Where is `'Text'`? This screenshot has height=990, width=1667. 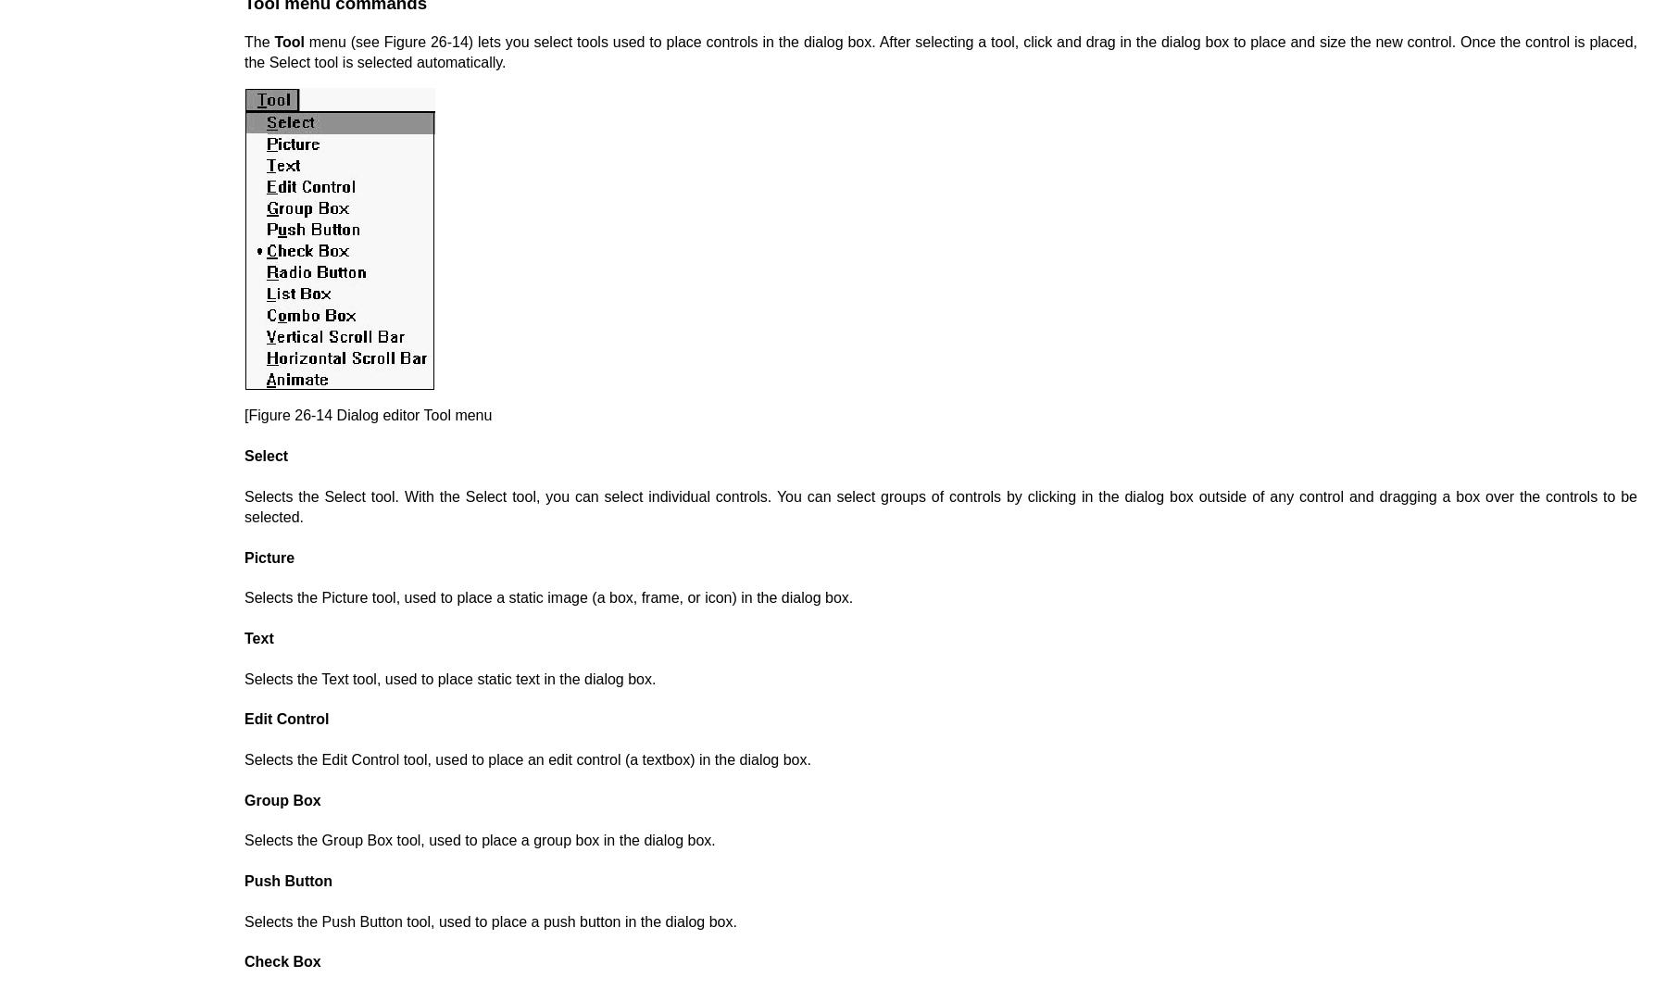
'Text' is located at coordinates (244, 637).